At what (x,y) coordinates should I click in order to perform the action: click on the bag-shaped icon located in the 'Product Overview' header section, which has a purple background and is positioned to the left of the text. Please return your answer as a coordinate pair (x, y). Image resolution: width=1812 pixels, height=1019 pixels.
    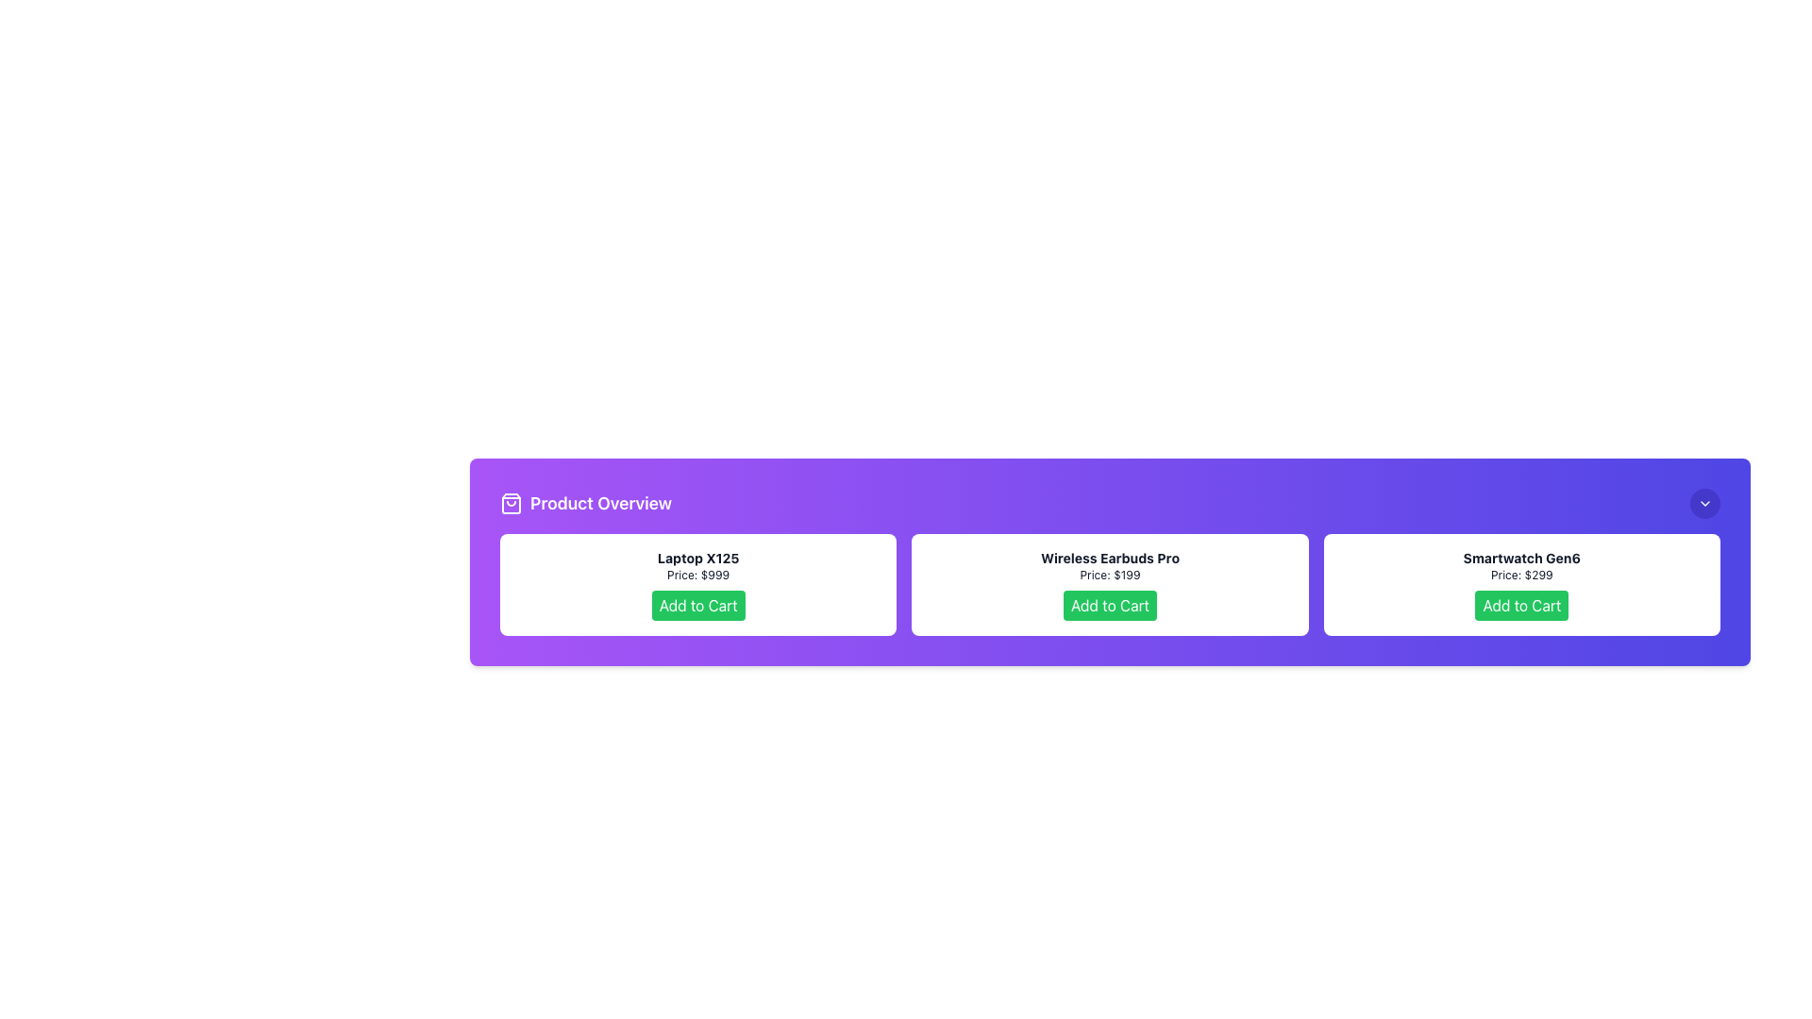
    Looking at the image, I should click on (512, 502).